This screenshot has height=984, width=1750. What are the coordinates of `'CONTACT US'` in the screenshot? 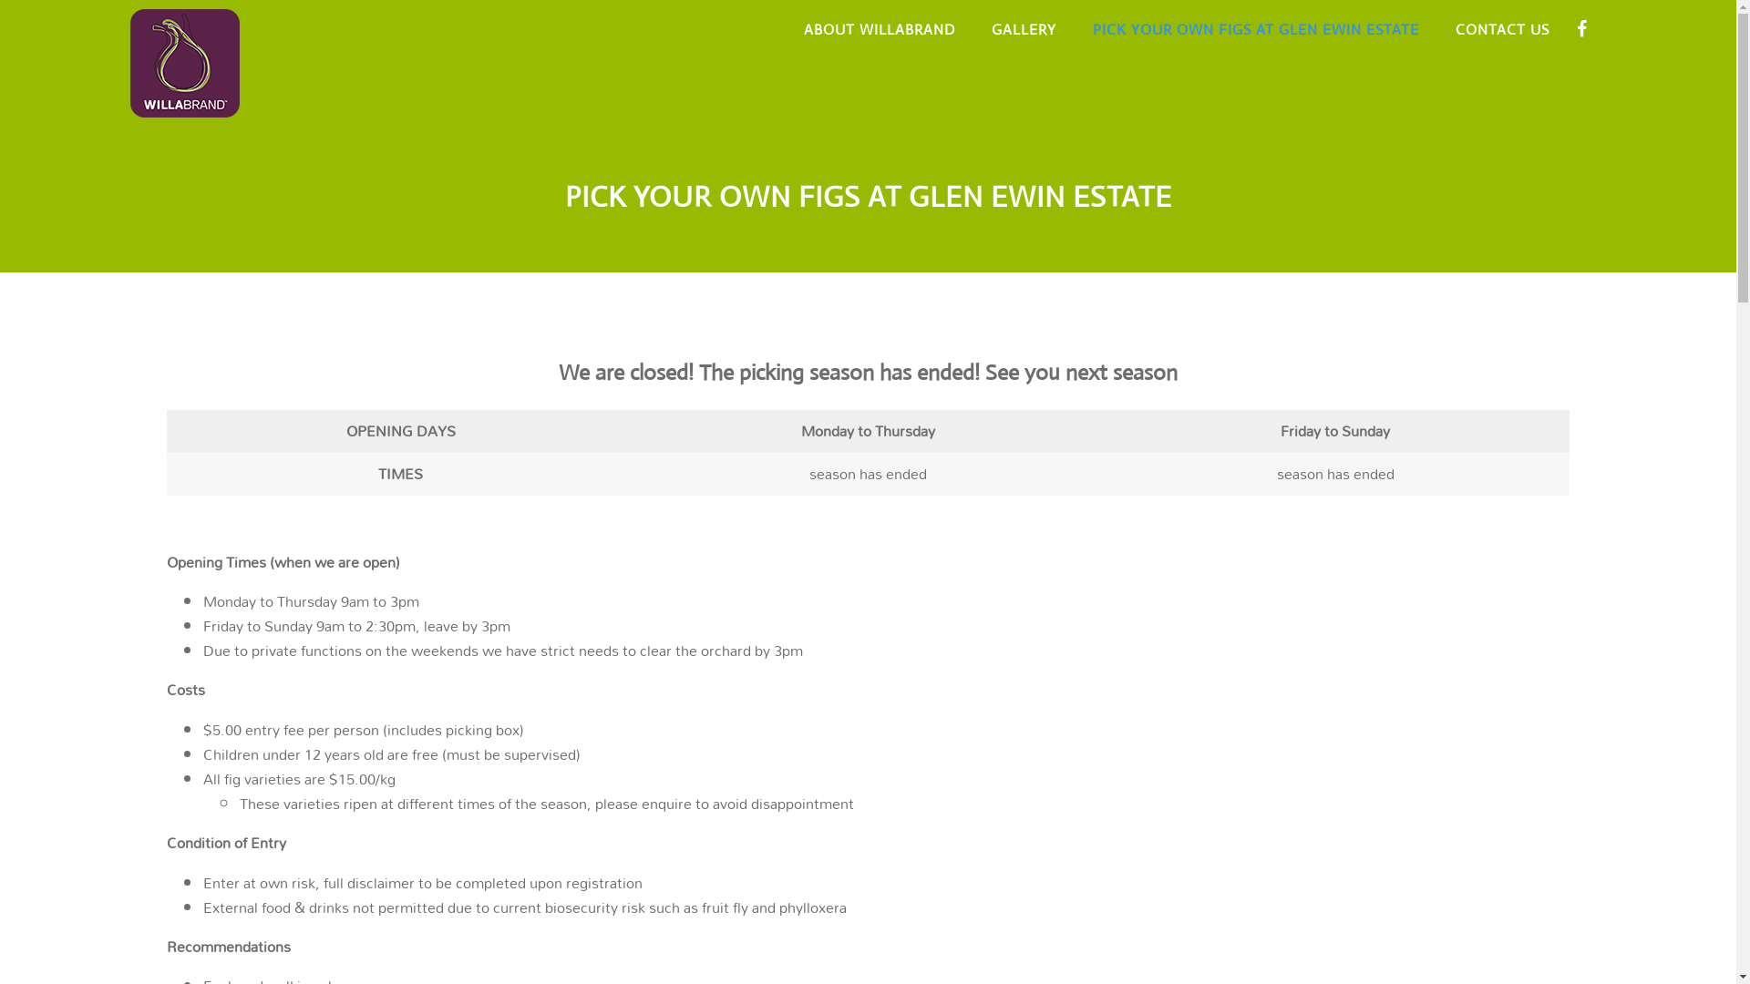 It's located at (1502, 30).